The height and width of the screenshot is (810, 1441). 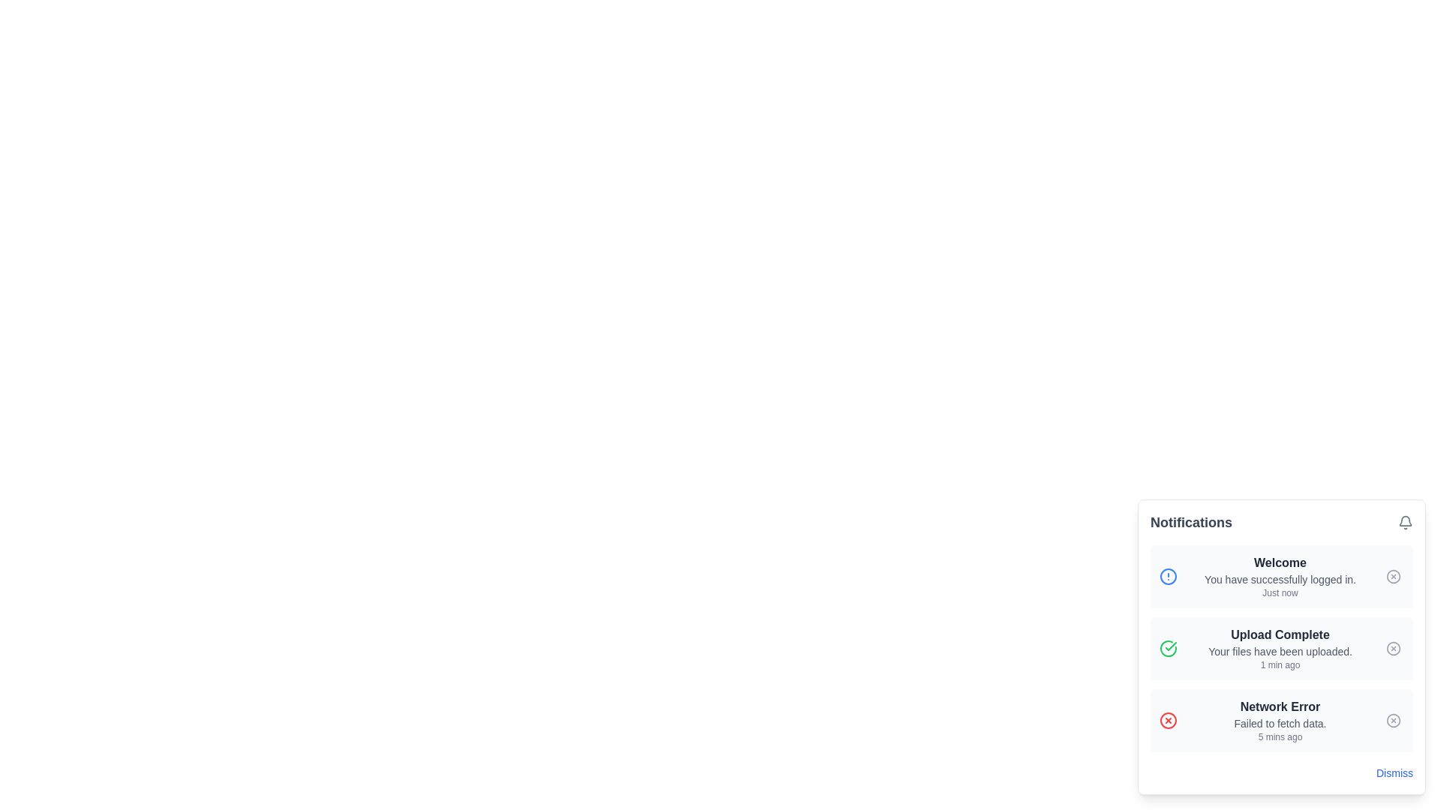 What do you see at coordinates (1190, 522) in the screenshot?
I see `title text of the notifications panel located at the top-left corner of the horizontal bar above the notifications list` at bounding box center [1190, 522].